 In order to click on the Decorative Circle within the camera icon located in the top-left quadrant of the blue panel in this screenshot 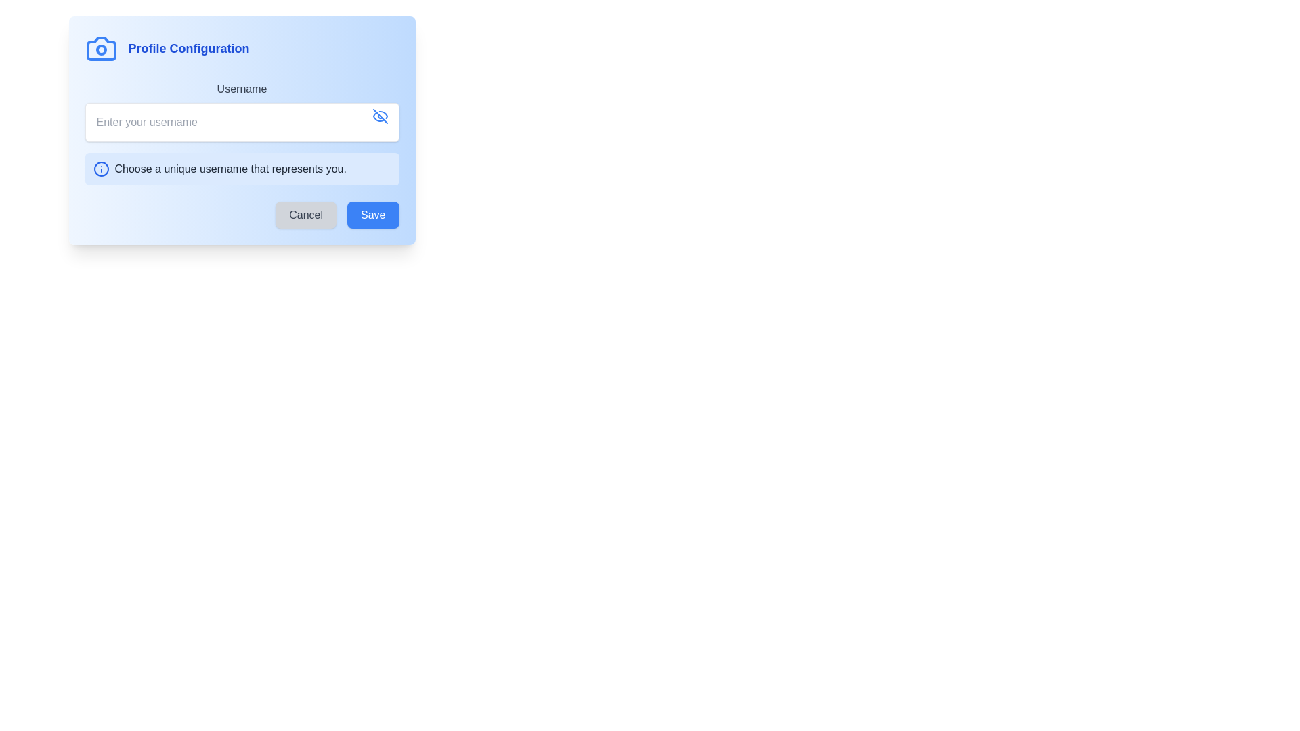, I will do `click(100, 49)`.